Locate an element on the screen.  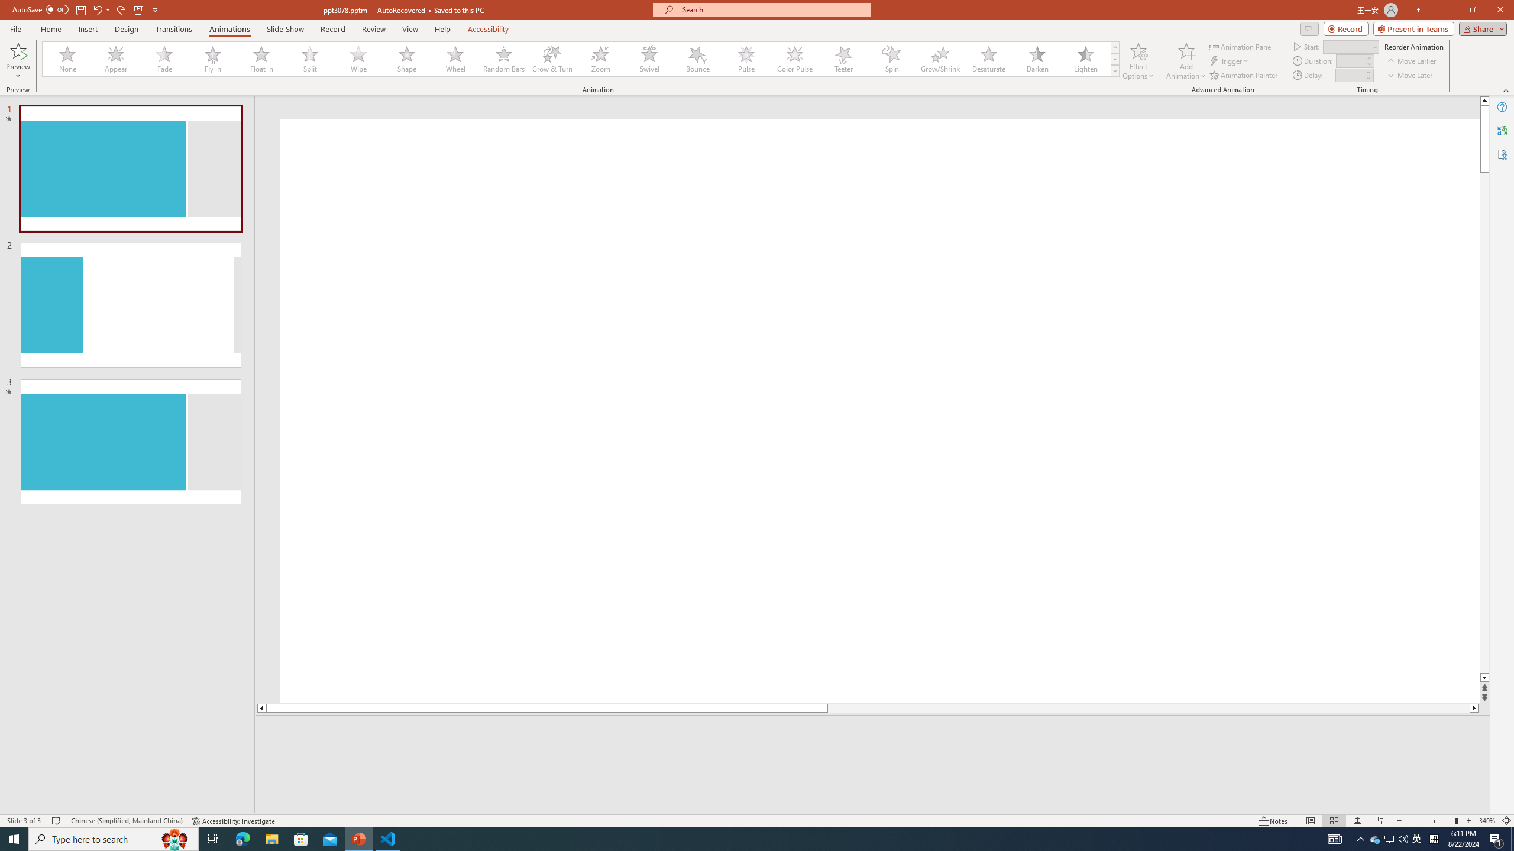
'Spin' is located at coordinates (891, 59).